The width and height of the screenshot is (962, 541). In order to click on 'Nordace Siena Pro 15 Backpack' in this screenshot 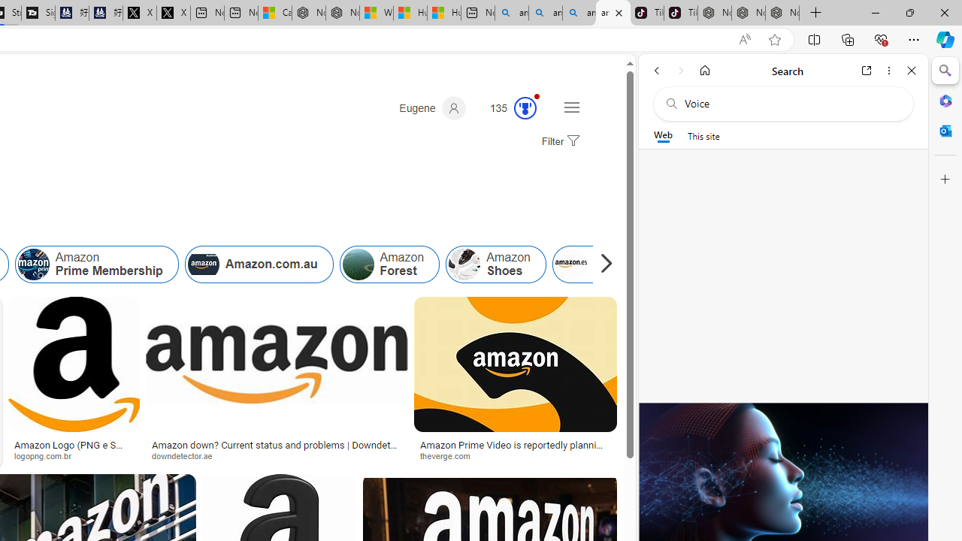, I will do `click(748, 13)`.